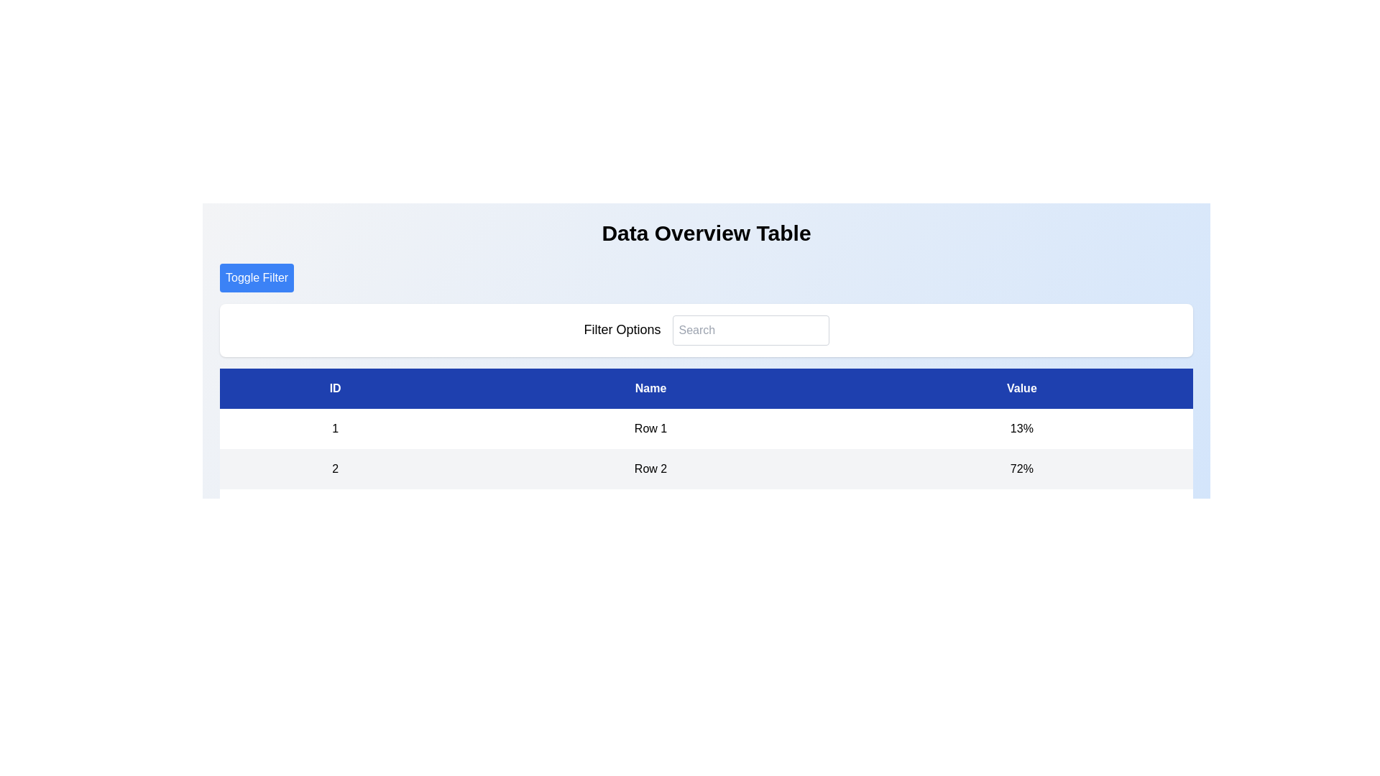  I want to click on the 'Toggle Filter' button to toggle the visibility of the filter options, so click(256, 277).